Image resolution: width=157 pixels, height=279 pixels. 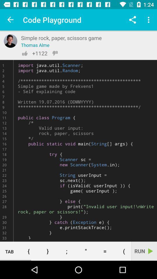 What do you see at coordinates (24, 53) in the screenshot?
I see `thumbs up the displayed set of code` at bounding box center [24, 53].